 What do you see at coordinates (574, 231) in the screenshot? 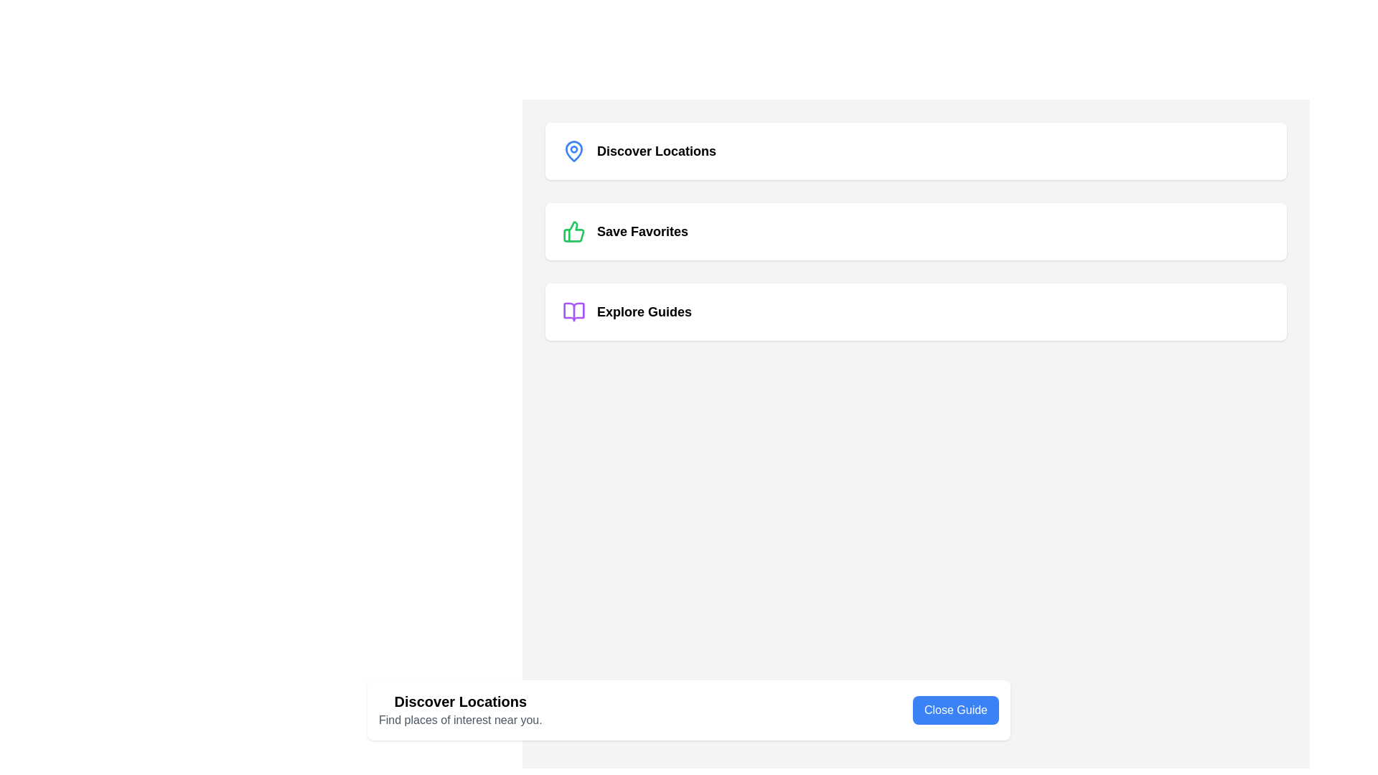
I see `the 'Save Favorites' icon, which is the leftmost element in the 'Save Favorites' card, visually indicating the action of saving favorites` at bounding box center [574, 231].